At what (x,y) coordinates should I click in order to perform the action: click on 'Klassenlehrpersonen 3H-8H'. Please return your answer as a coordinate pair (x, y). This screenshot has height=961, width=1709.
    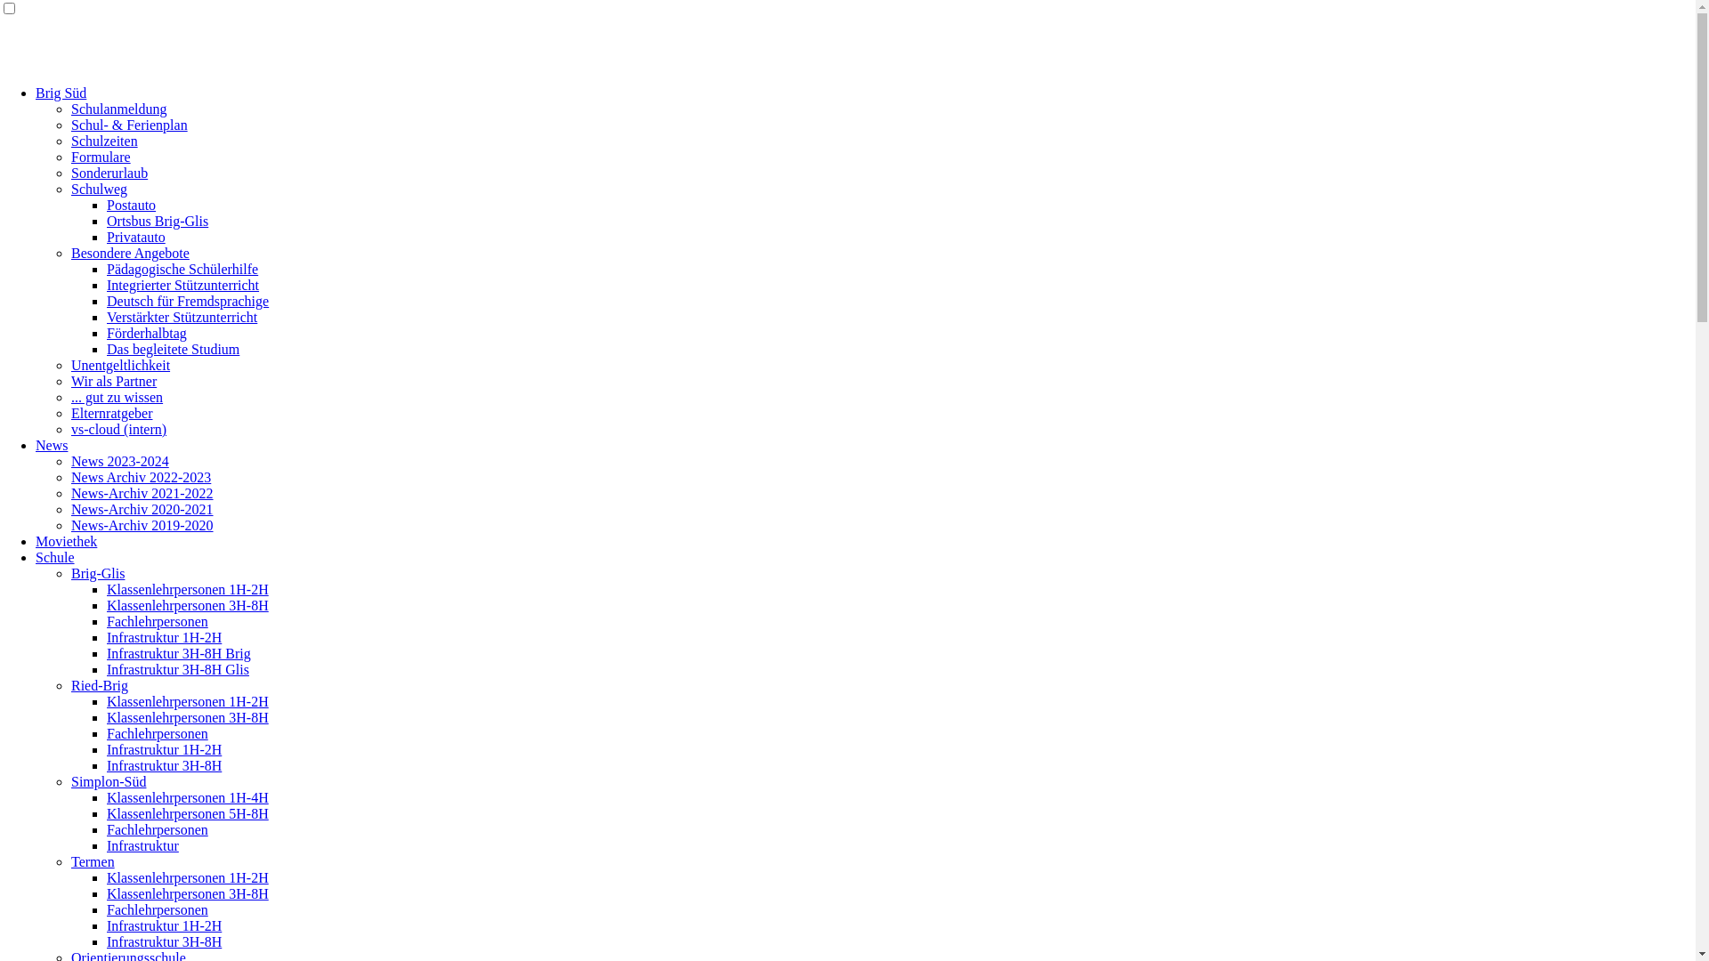
    Looking at the image, I should click on (188, 604).